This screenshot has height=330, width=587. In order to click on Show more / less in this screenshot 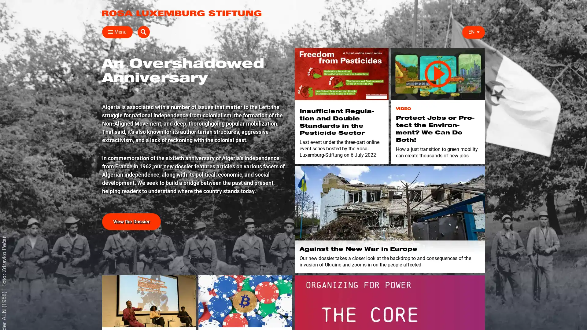, I will do `click(99, 111)`.